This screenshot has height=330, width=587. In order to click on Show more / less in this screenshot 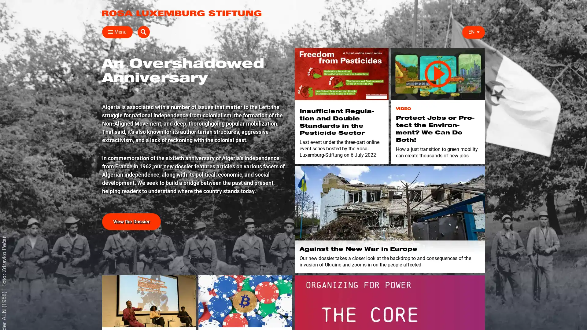, I will do `click(99, 111)`.